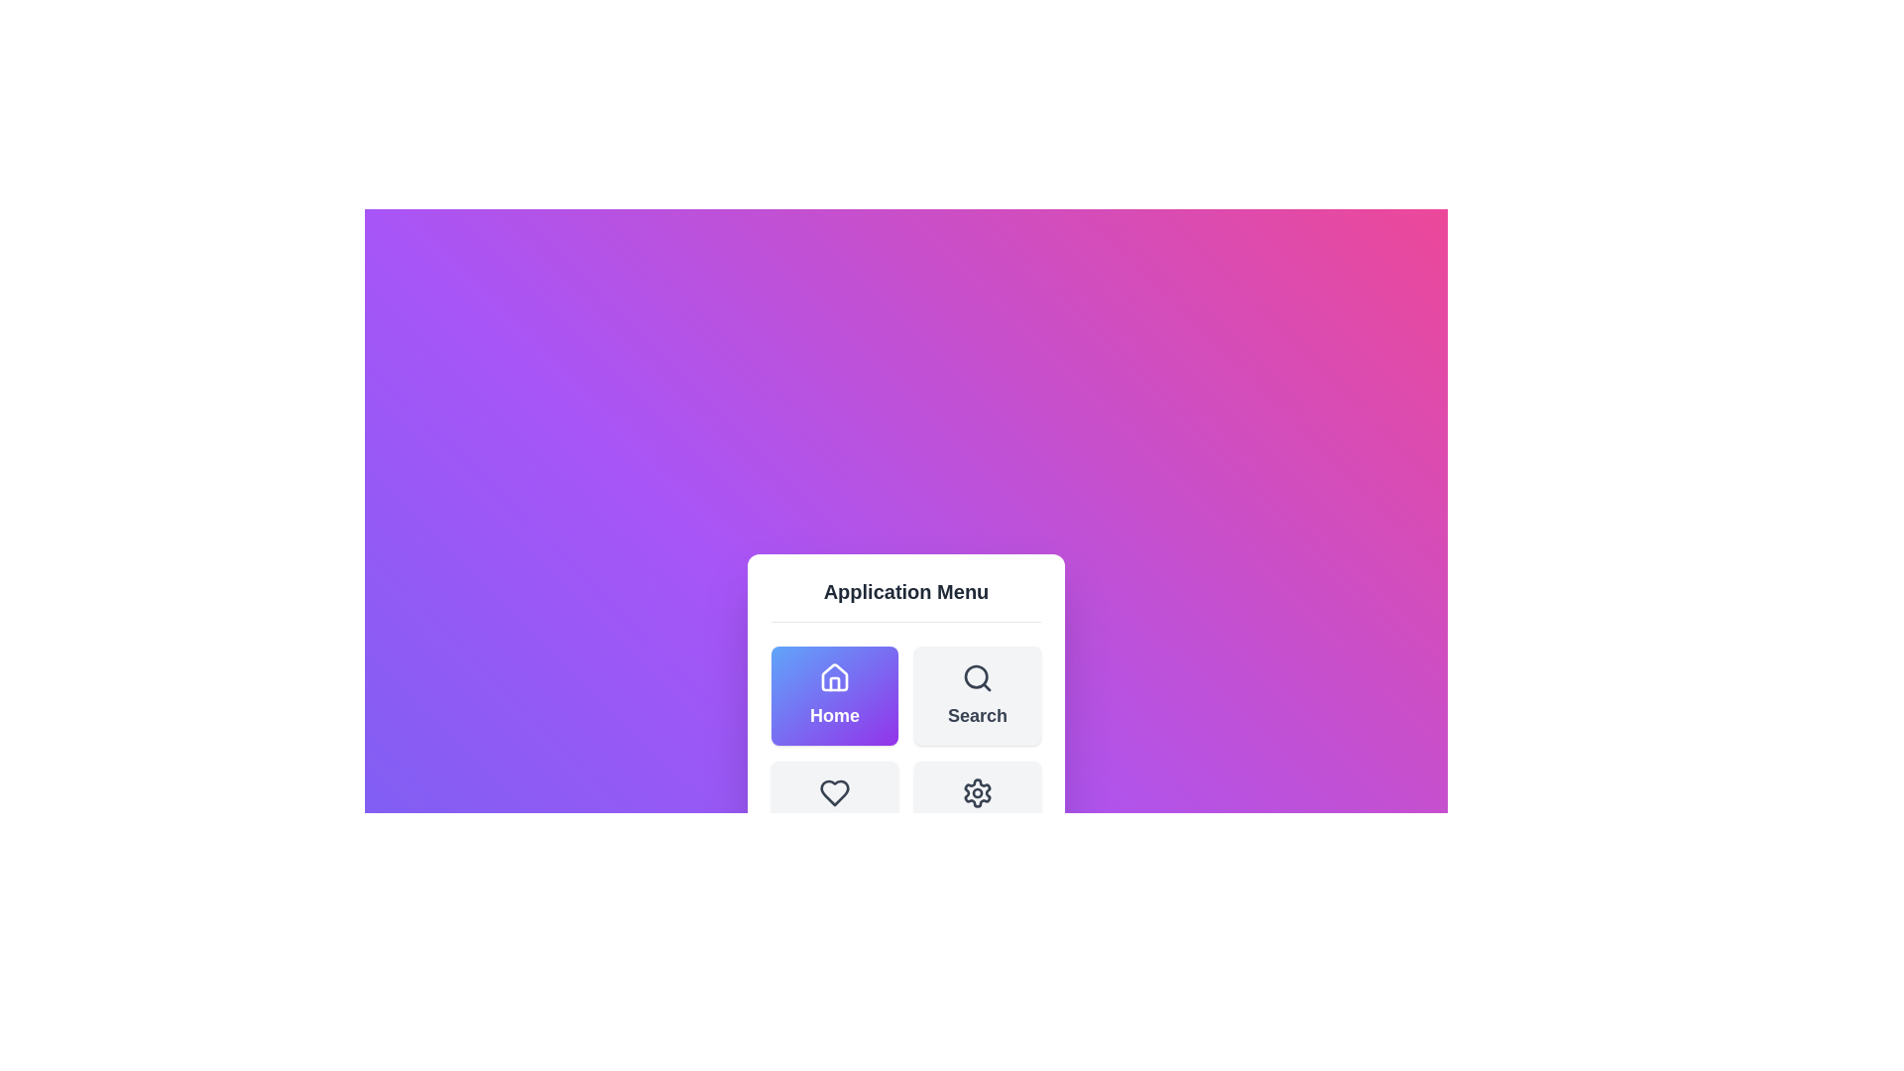 This screenshot has height=1071, width=1904. Describe the element at coordinates (978, 694) in the screenshot. I see `the menu item Search by clicking on its corresponding button` at that location.